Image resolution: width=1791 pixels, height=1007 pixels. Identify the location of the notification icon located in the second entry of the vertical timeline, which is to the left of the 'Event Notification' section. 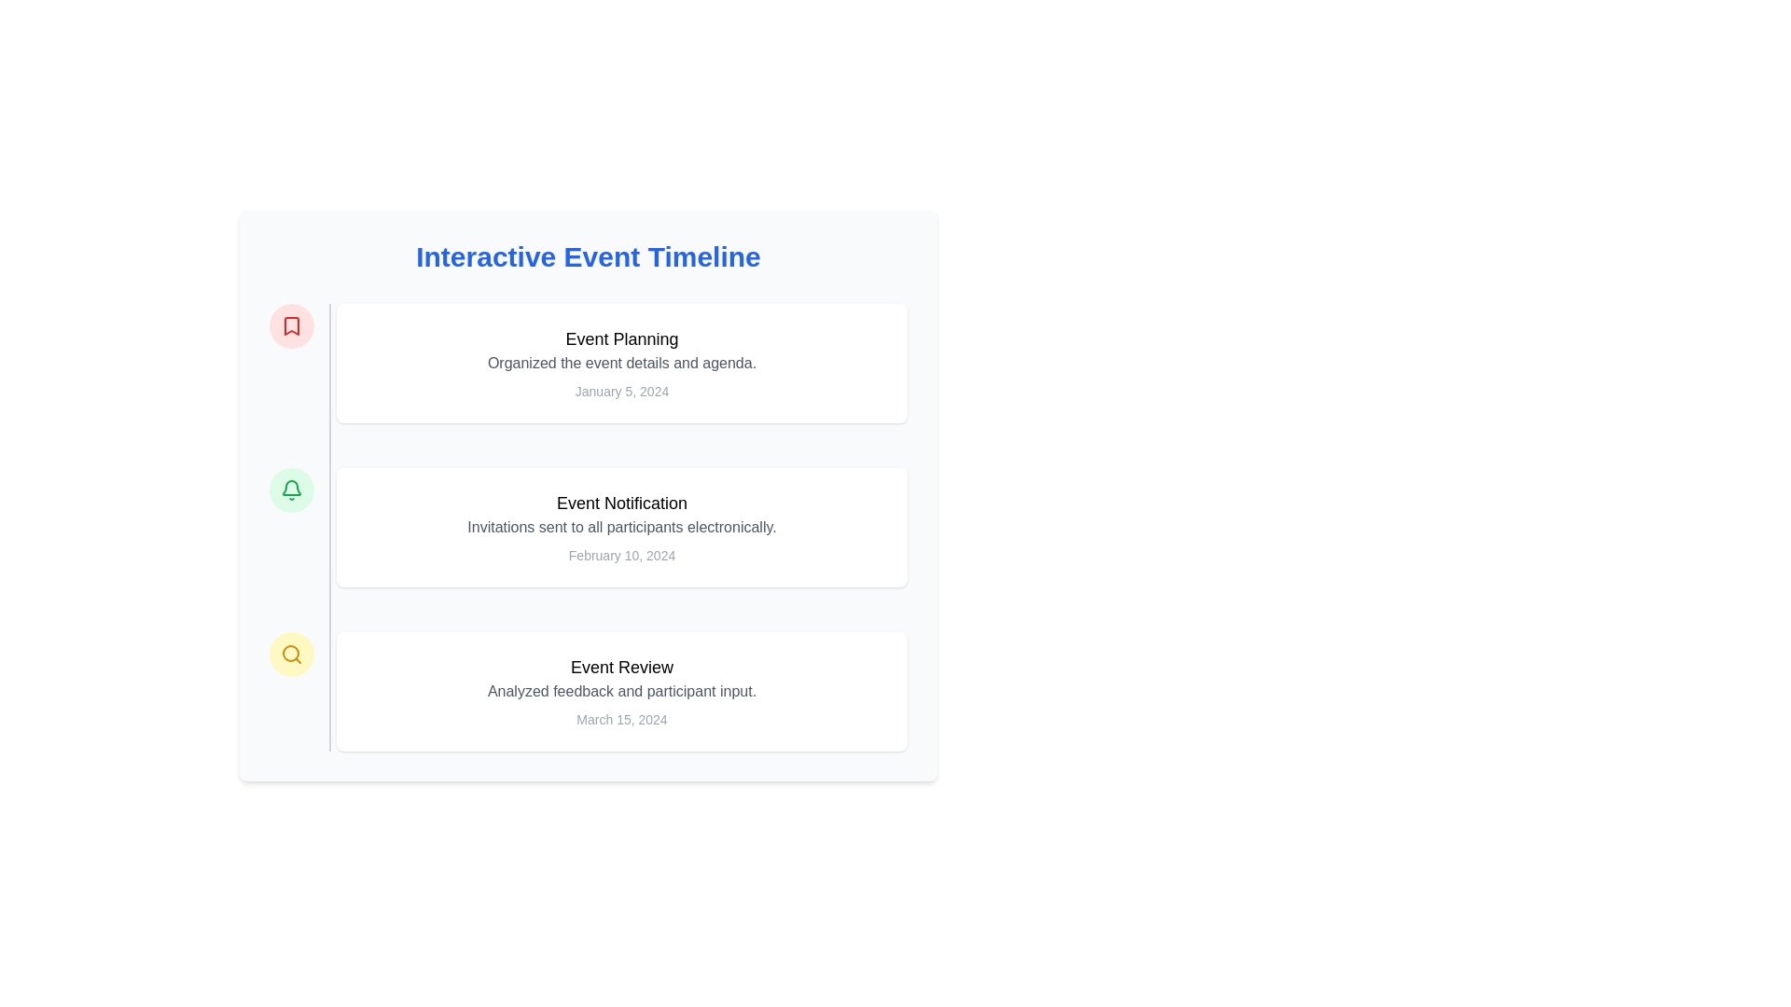
(290, 489).